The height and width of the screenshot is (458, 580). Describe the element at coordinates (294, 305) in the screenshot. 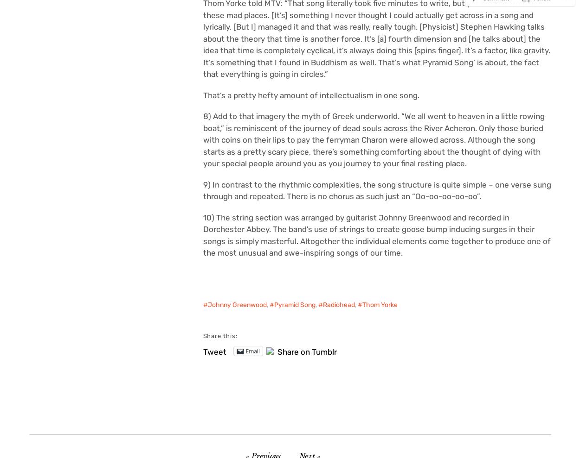

I see `'Pyramid Song'` at that location.